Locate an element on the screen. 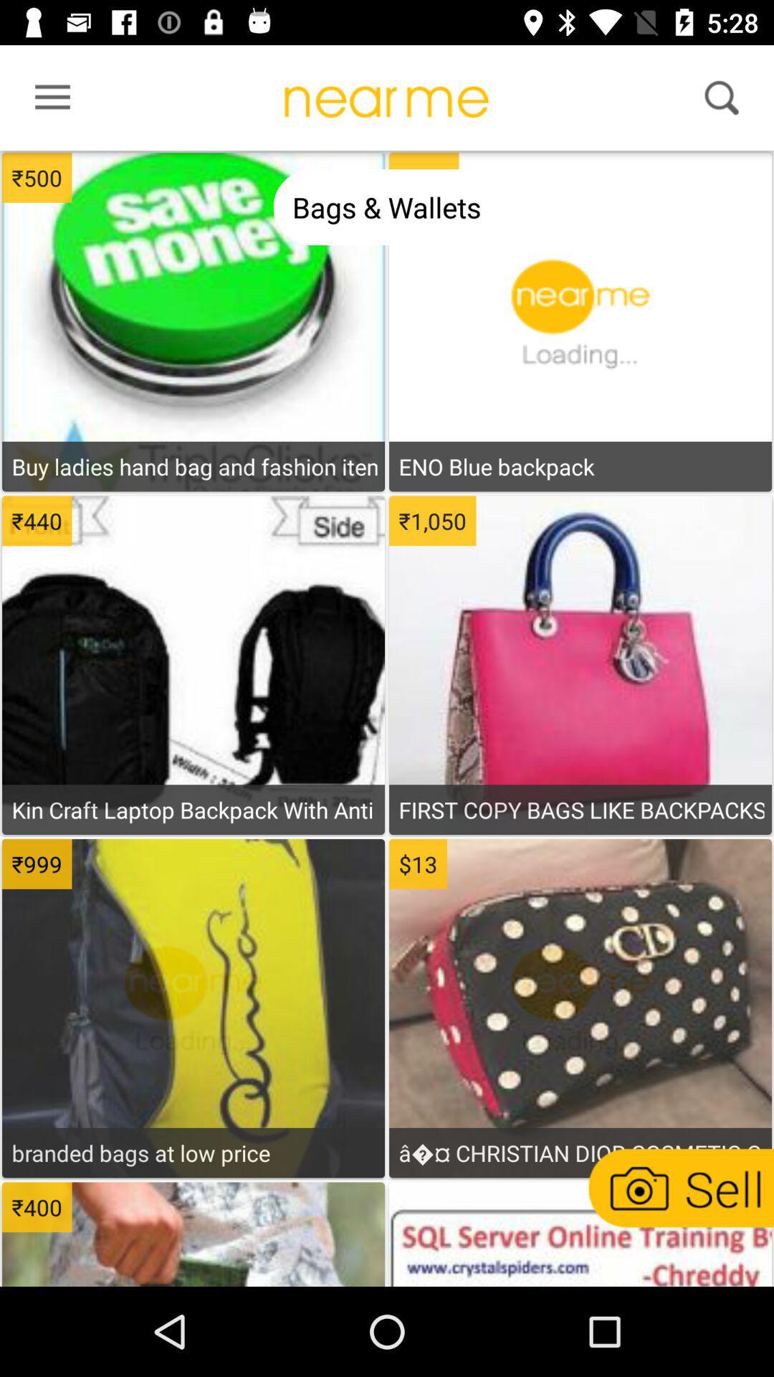 Image resolution: width=774 pixels, height=1377 pixels. menu is located at coordinates (47, 100).